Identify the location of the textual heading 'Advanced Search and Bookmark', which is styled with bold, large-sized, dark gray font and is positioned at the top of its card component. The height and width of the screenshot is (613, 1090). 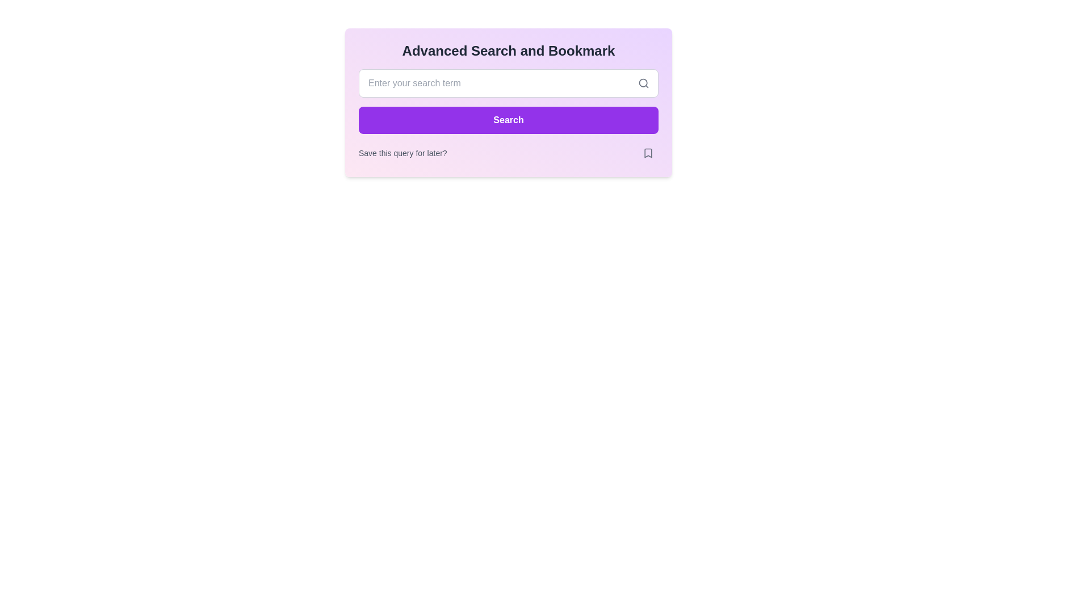
(508, 50).